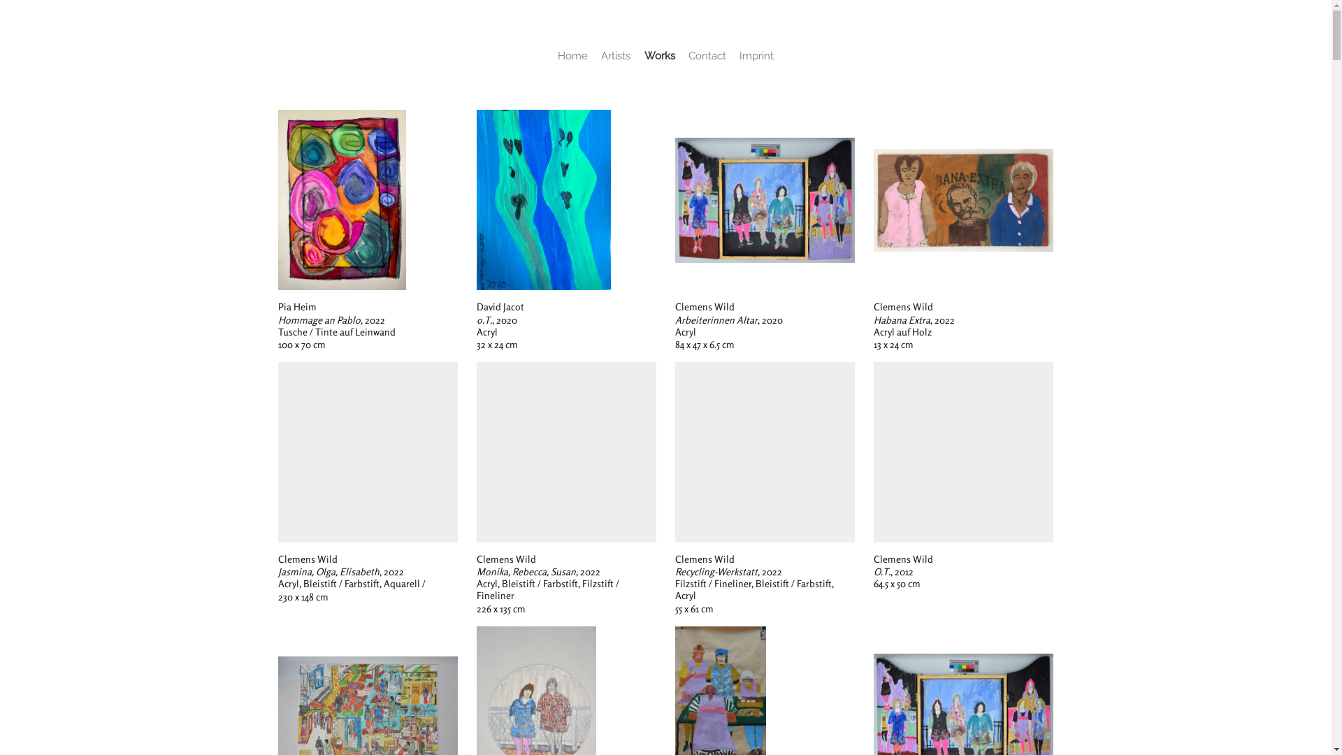  I want to click on 'o.T., 2020', so click(542, 199).